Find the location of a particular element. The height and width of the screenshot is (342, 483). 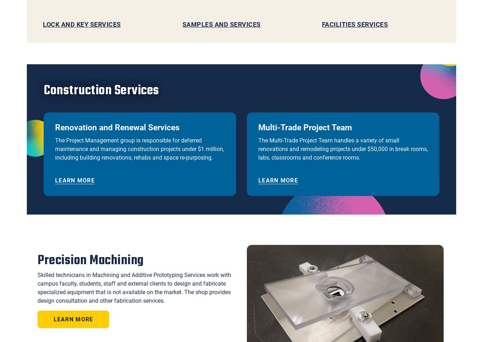

'Renovation and Renewal Services' is located at coordinates (55, 127).